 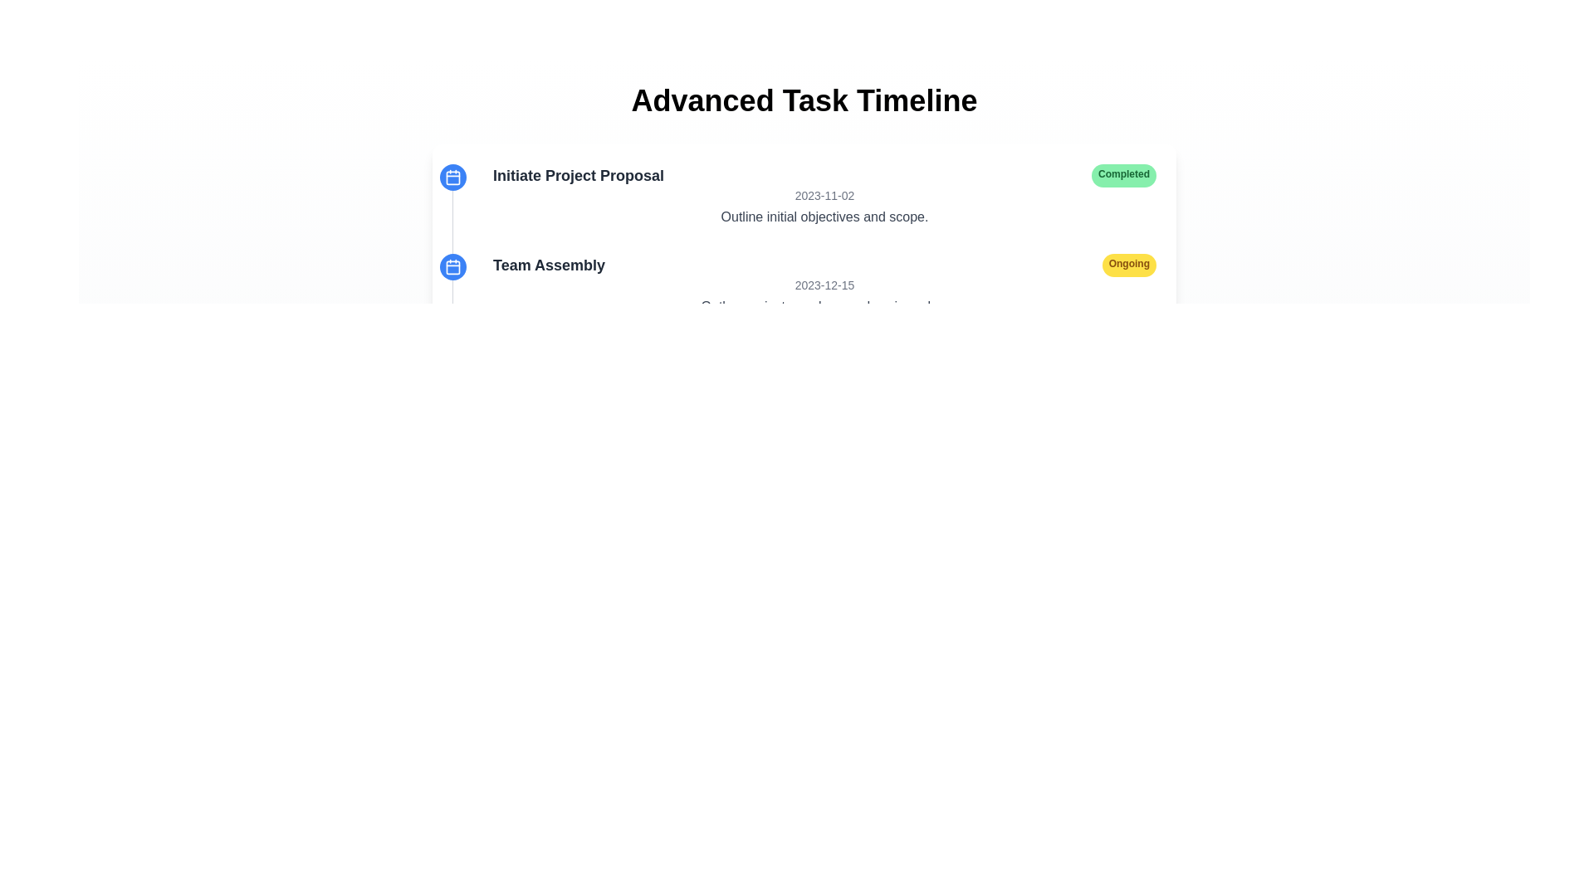 I want to click on text component displaying 'Outline initial objectives and scope.' located beneath the heading 'Initiate Project Proposal', so click(x=824, y=217).